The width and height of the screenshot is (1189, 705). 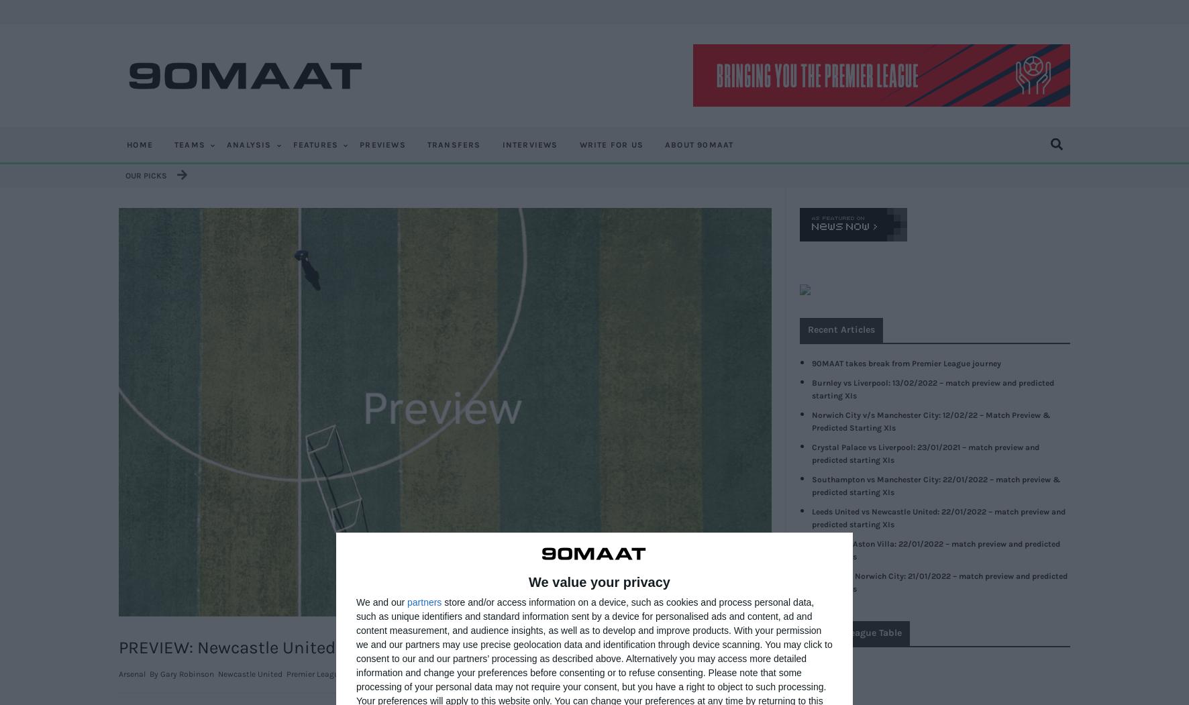 What do you see at coordinates (453, 144) in the screenshot?
I see `'TRANSFERS'` at bounding box center [453, 144].